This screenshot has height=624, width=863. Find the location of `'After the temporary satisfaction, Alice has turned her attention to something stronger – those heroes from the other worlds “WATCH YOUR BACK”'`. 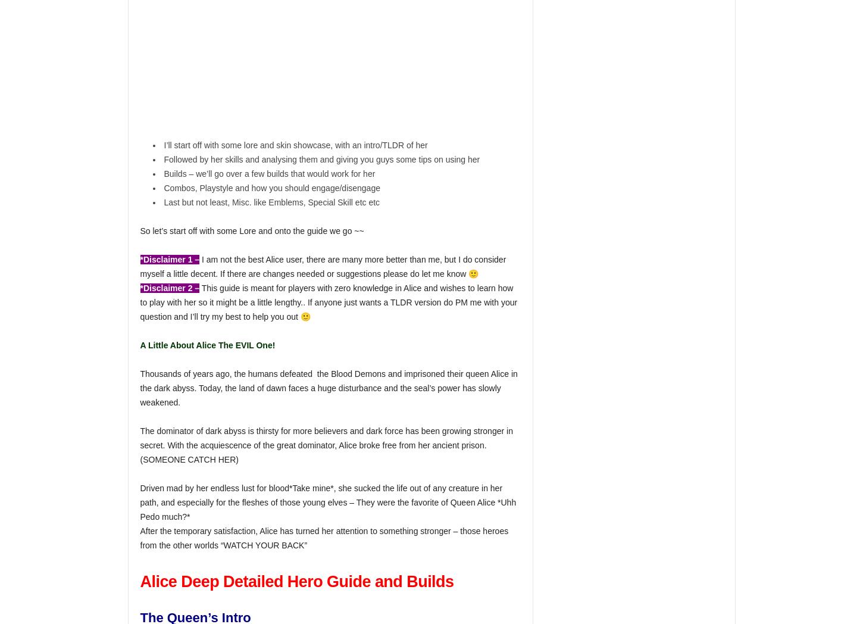

'After the temporary satisfaction, Alice has turned her attention to something stronger – those heroes from the other worlds “WATCH YOUR BACK”' is located at coordinates (324, 538).